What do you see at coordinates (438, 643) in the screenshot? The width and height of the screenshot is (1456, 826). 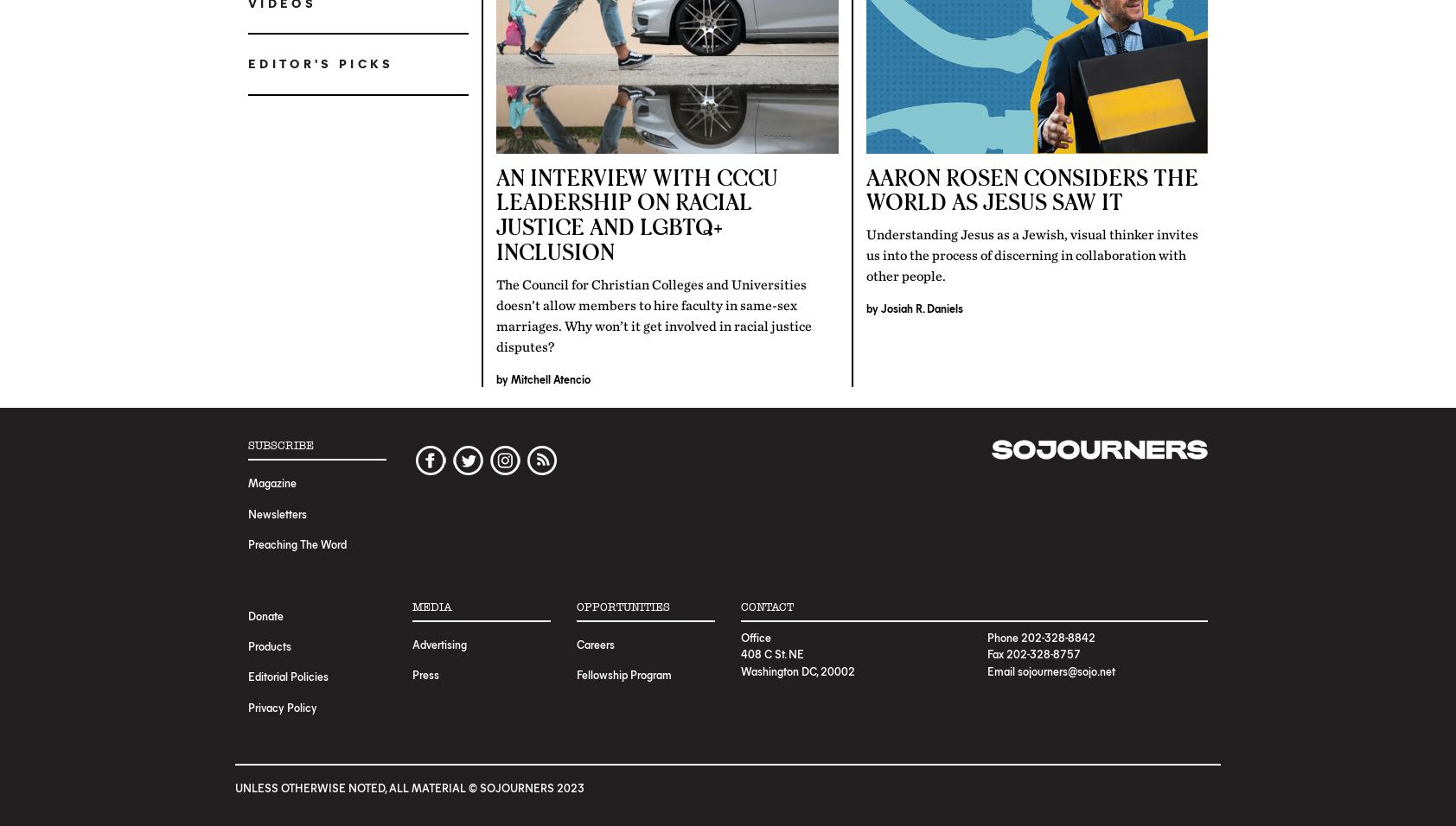 I see `'Advertising'` at bounding box center [438, 643].